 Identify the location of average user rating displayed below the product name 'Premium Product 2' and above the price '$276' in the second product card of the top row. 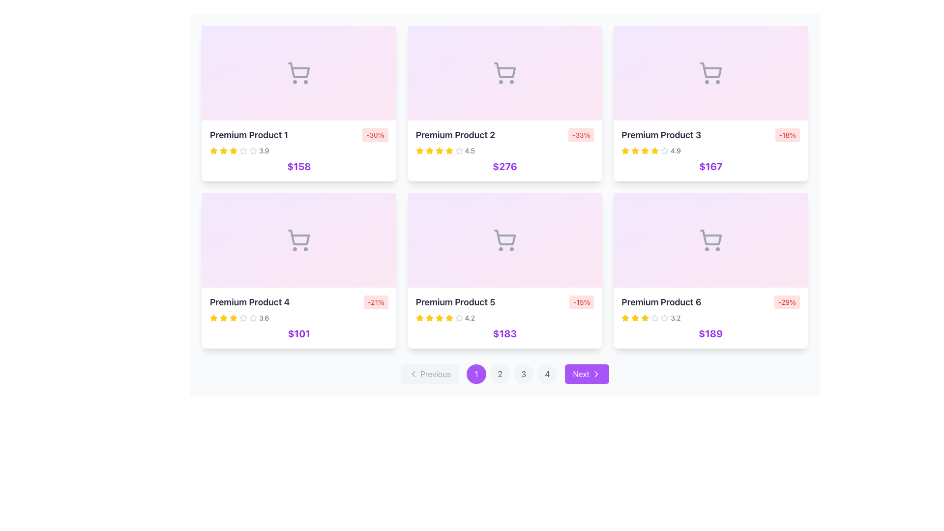
(505, 151).